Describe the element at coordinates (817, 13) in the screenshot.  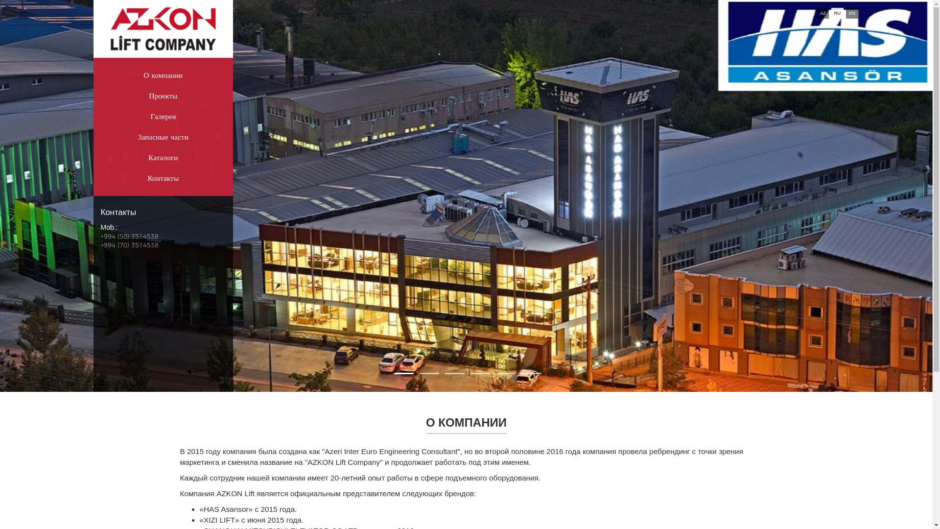
I see `'AZ'` at that location.